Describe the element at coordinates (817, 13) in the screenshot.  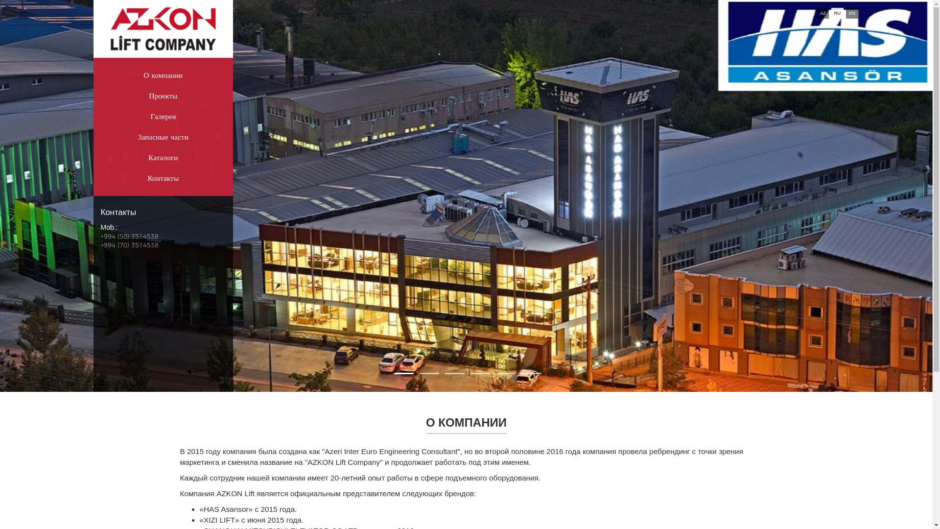
I see `'AZ'` at that location.